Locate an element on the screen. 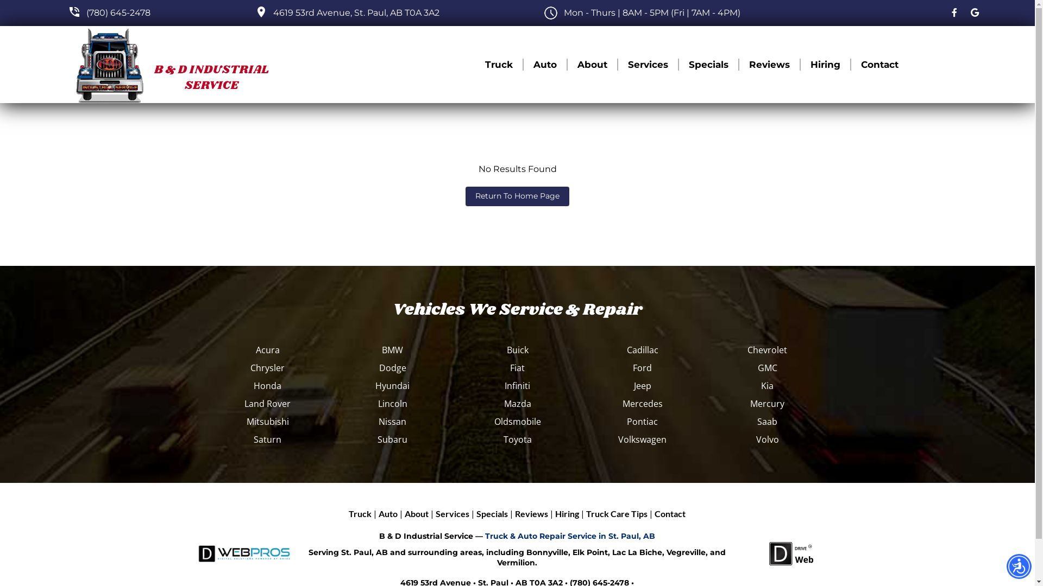 The height and width of the screenshot is (586, 1043). 'BMW' is located at coordinates (392, 349).